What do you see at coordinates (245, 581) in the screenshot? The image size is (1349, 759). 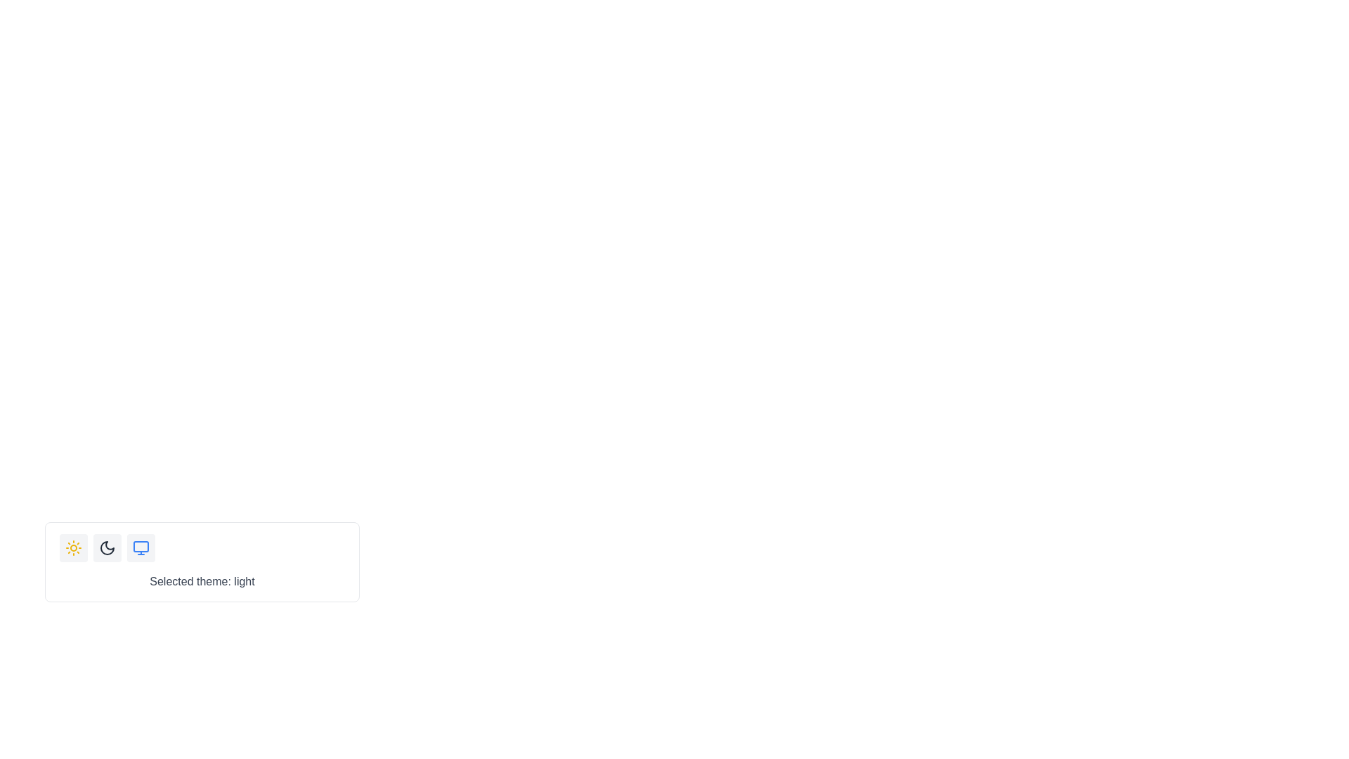 I see `the static text label displaying the currently selected theme, which is located to the right of the 'Selected theme:' text` at bounding box center [245, 581].